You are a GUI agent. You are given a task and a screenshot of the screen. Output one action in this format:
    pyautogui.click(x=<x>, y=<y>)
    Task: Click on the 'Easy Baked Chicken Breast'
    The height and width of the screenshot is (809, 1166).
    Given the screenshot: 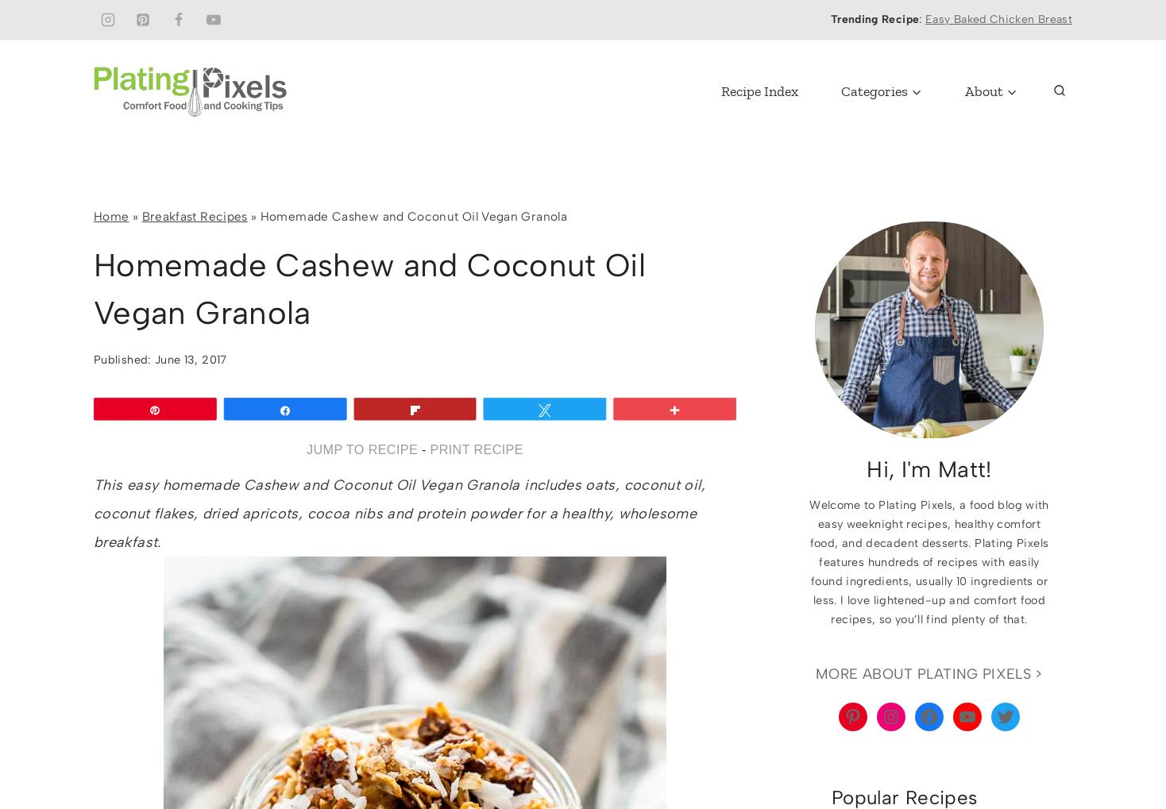 What is the action you would take?
    pyautogui.click(x=925, y=18)
    